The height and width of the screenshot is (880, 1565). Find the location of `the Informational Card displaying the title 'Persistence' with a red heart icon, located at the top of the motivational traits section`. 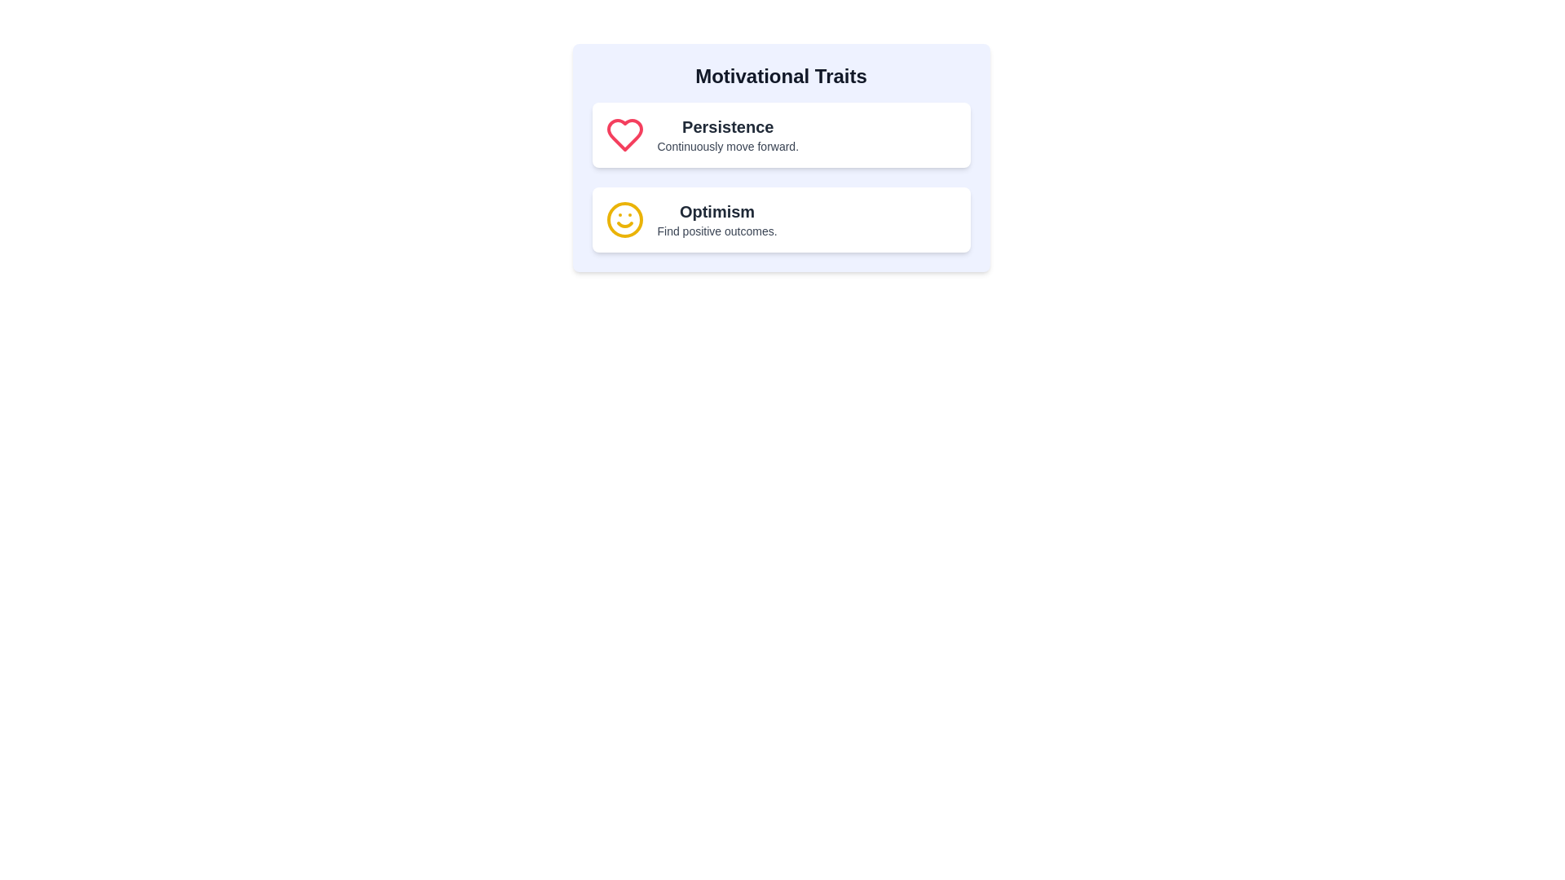

the Informational Card displaying the title 'Persistence' with a red heart icon, located at the top of the motivational traits section is located at coordinates (780, 134).